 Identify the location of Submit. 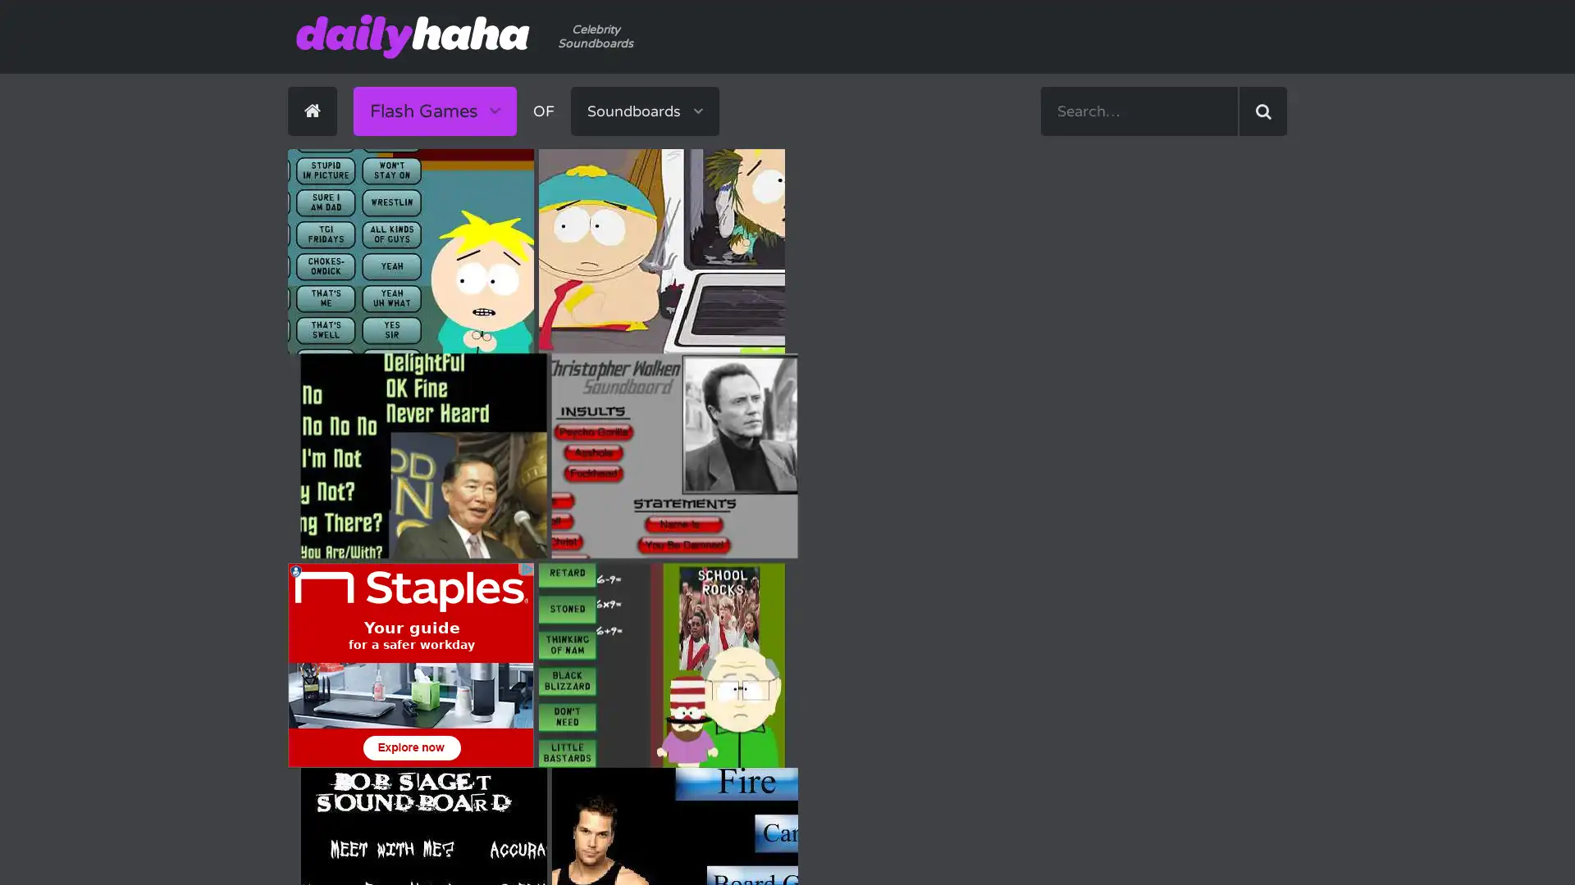
(1262, 111).